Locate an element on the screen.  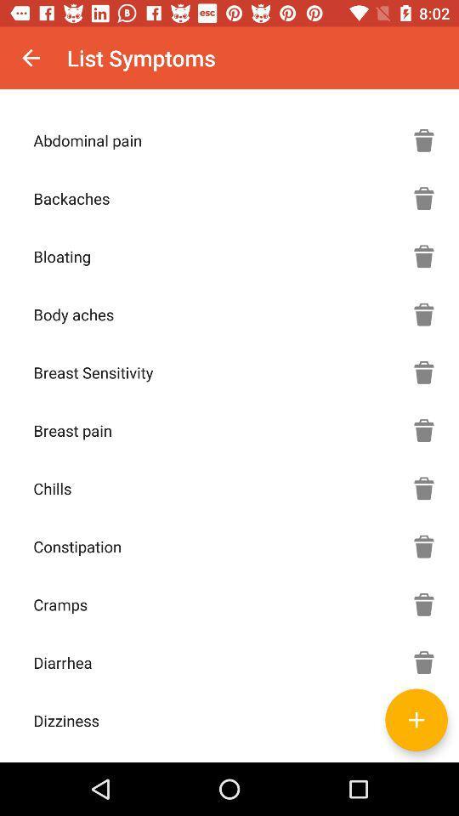
delete symptom is located at coordinates (423, 488).